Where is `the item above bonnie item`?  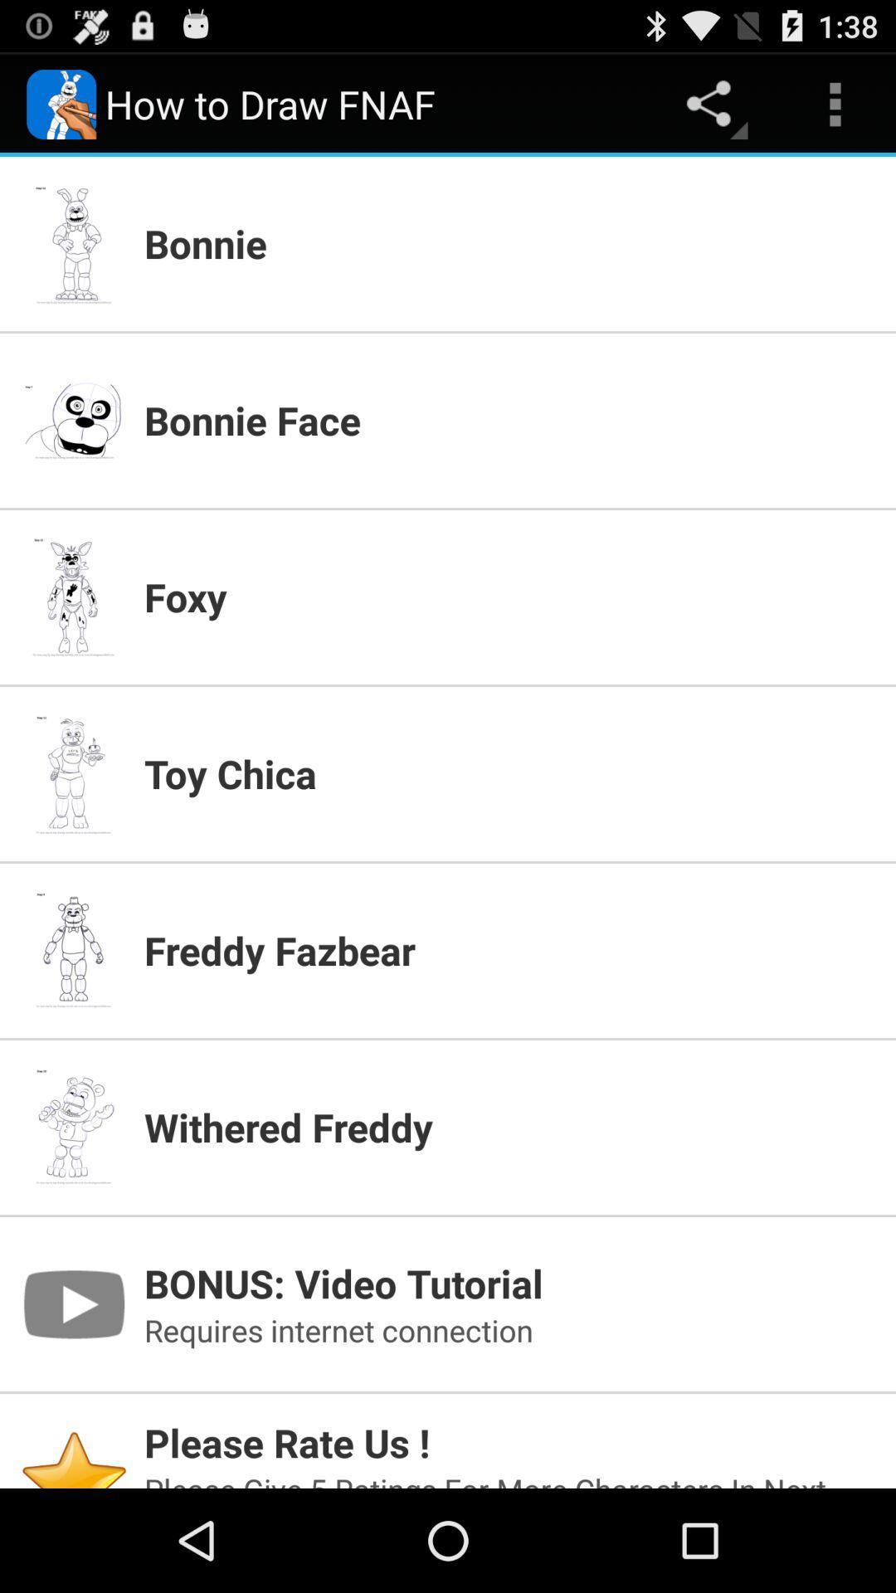 the item above bonnie item is located at coordinates (835, 103).